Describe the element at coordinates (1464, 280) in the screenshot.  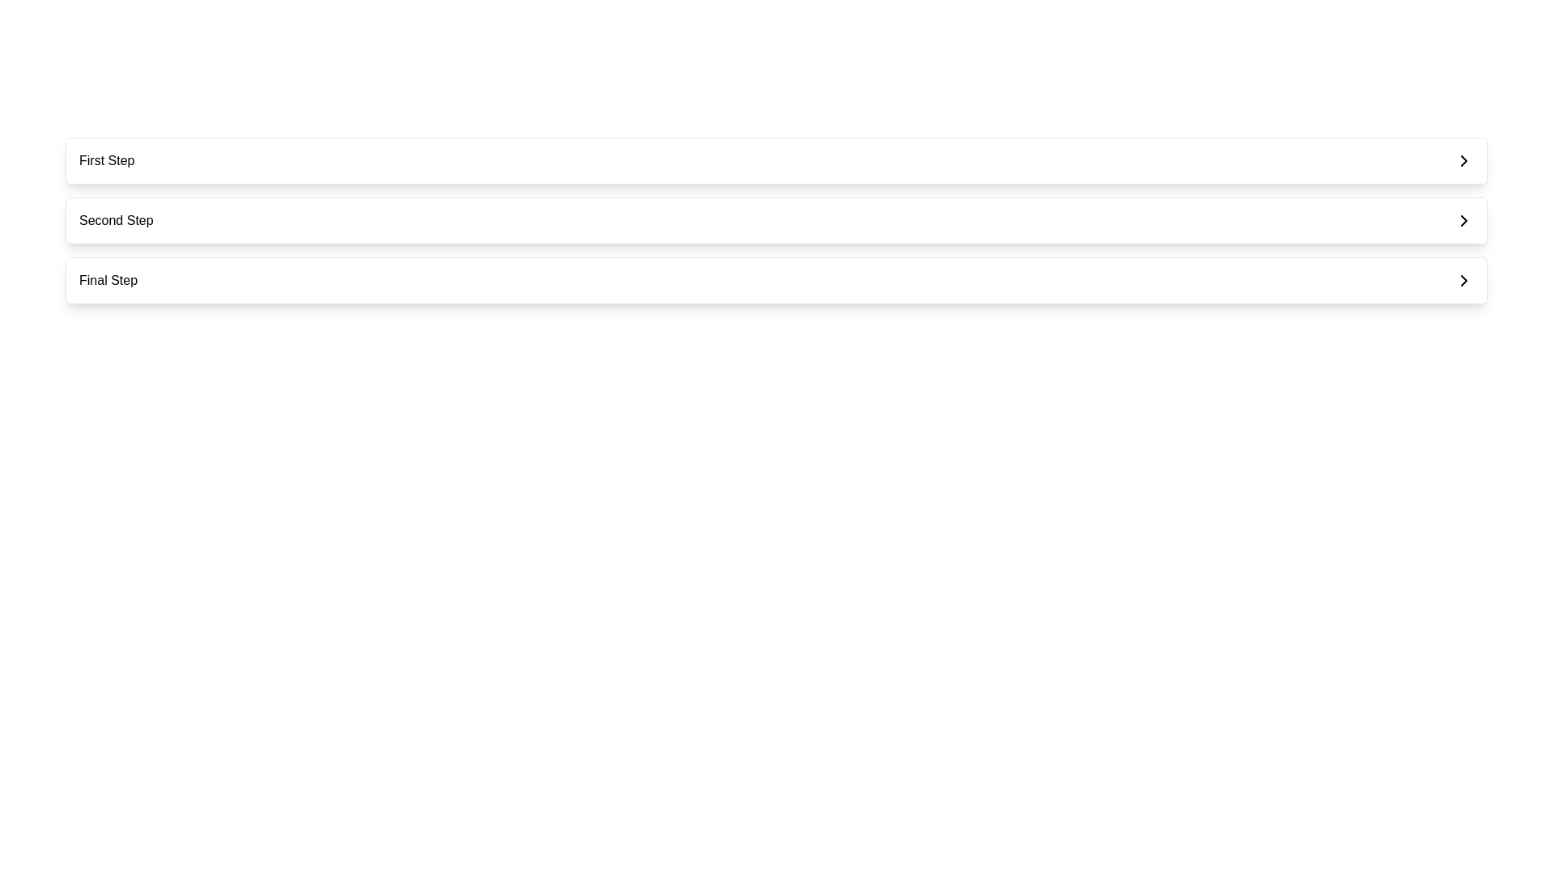
I see `the navigational icon located to the right of the 'Final Step' text to proceed` at that location.